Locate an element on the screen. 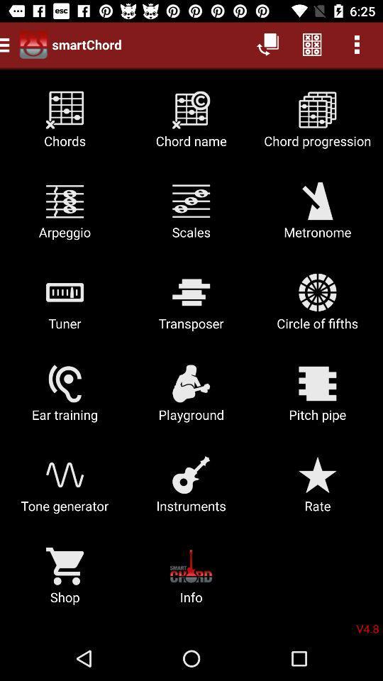  item to the left of pitch pipe icon is located at coordinates (191, 398).